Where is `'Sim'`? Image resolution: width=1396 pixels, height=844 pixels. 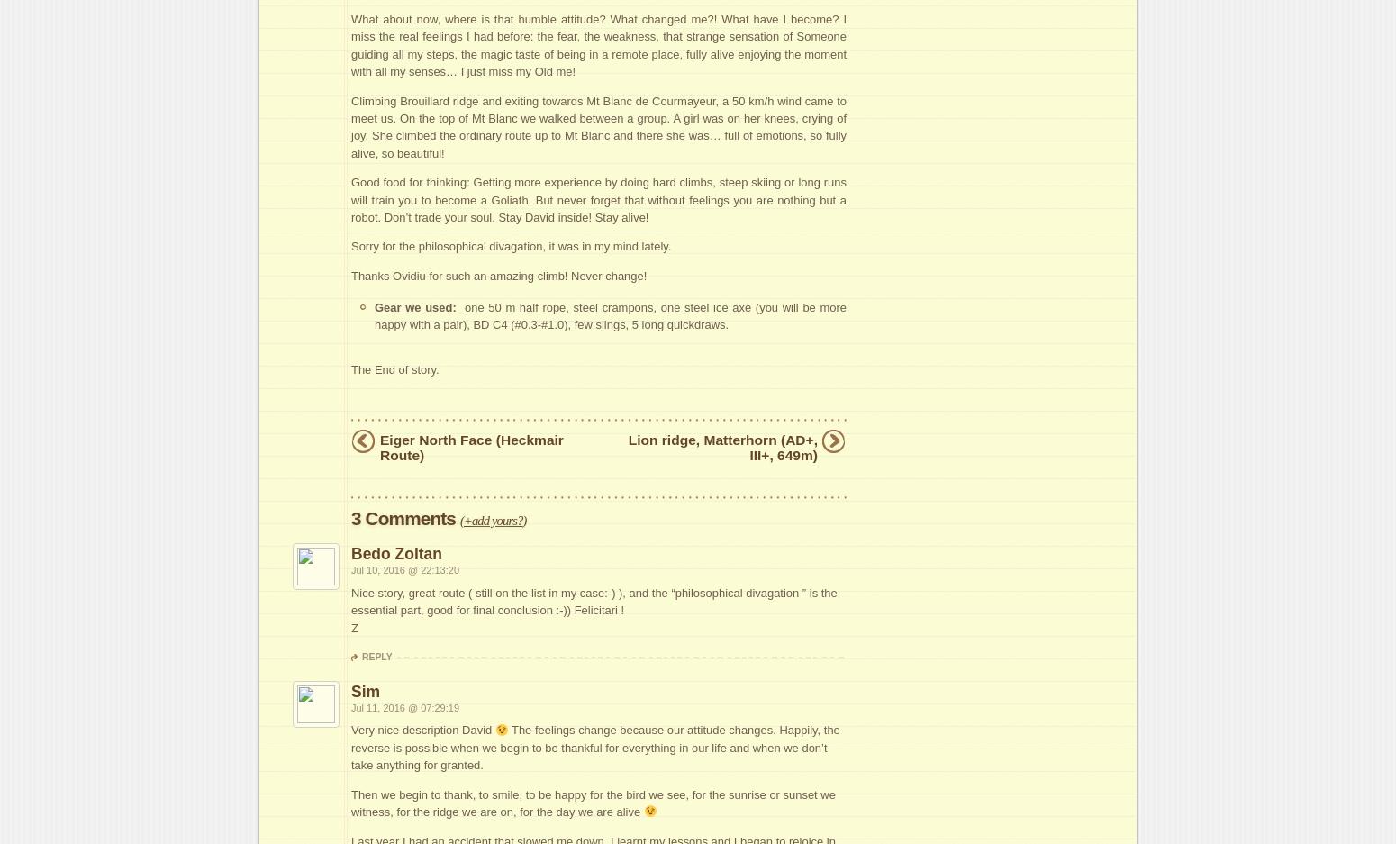 'Sim' is located at coordinates (365, 691).